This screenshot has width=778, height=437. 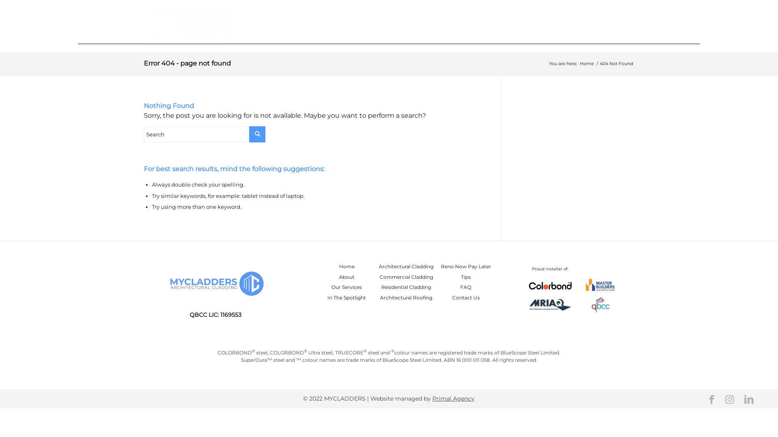 What do you see at coordinates (165, 283) in the screenshot?
I see `'mycladders-logo-blue'` at bounding box center [165, 283].